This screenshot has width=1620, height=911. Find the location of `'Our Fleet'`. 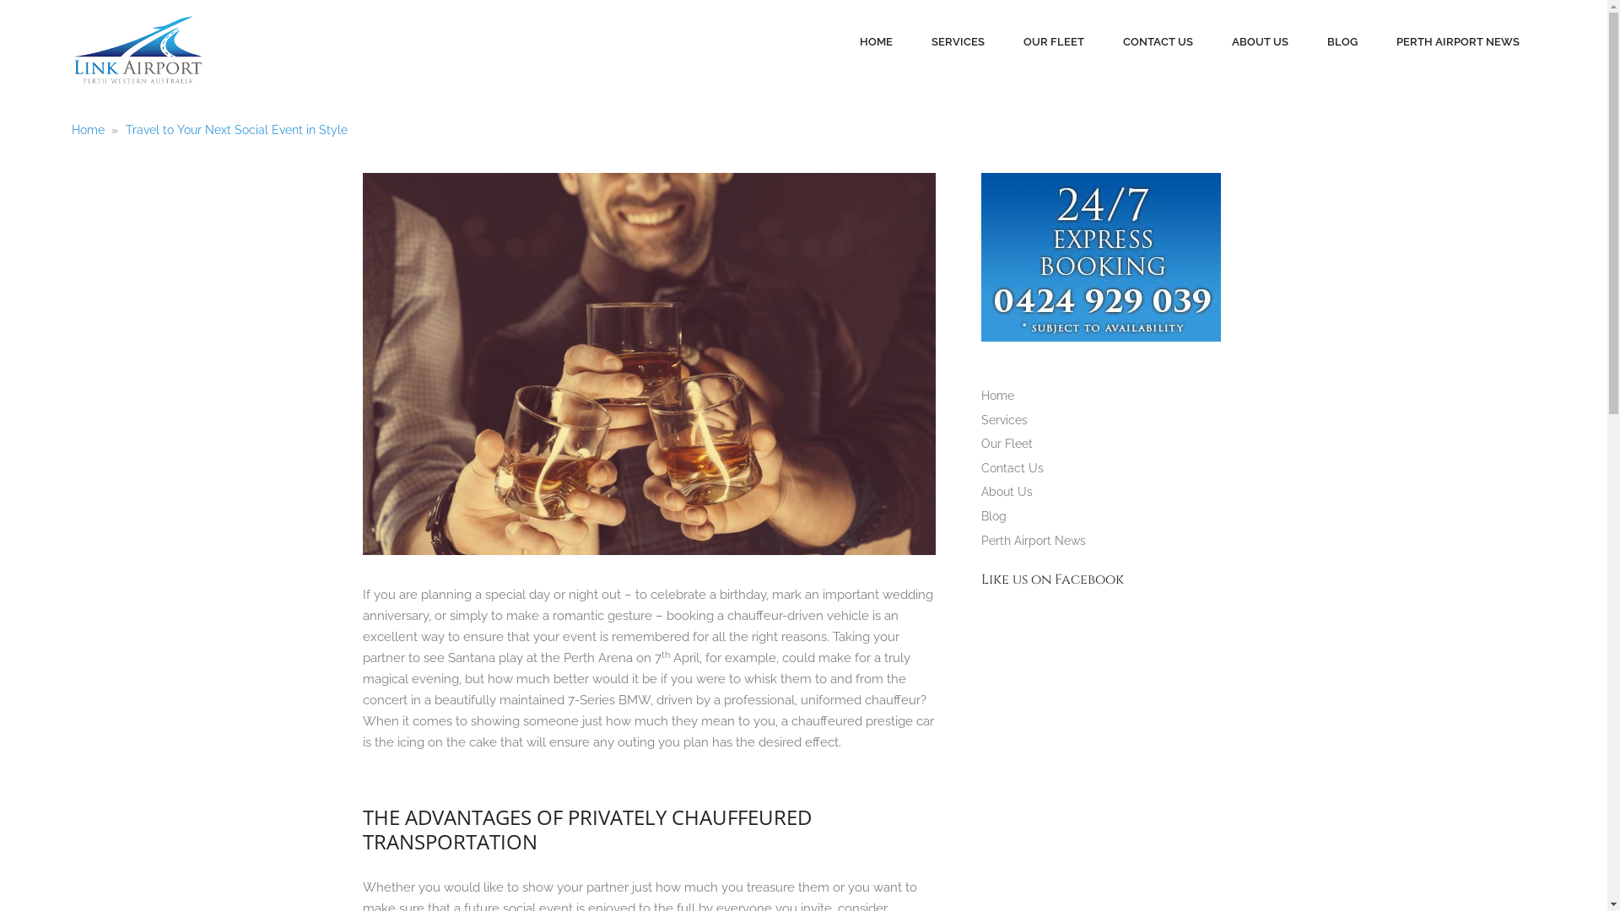

'Our Fleet' is located at coordinates (1007, 442).